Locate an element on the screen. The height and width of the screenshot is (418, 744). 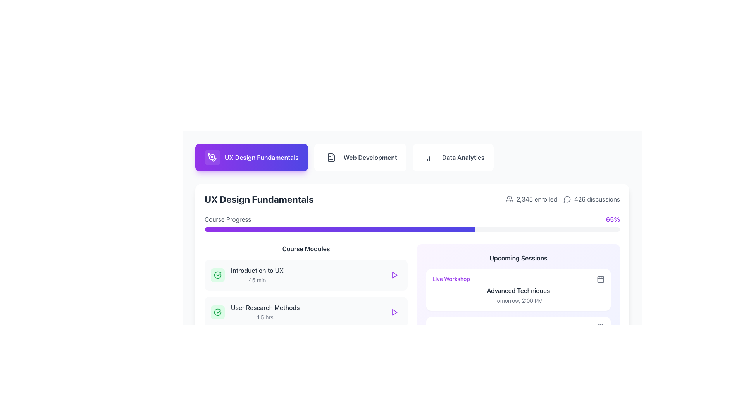
the icon representing data analytics located inside the 'Data Analytics' button, positioned to the left of the text label is located at coordinates (429, 157).